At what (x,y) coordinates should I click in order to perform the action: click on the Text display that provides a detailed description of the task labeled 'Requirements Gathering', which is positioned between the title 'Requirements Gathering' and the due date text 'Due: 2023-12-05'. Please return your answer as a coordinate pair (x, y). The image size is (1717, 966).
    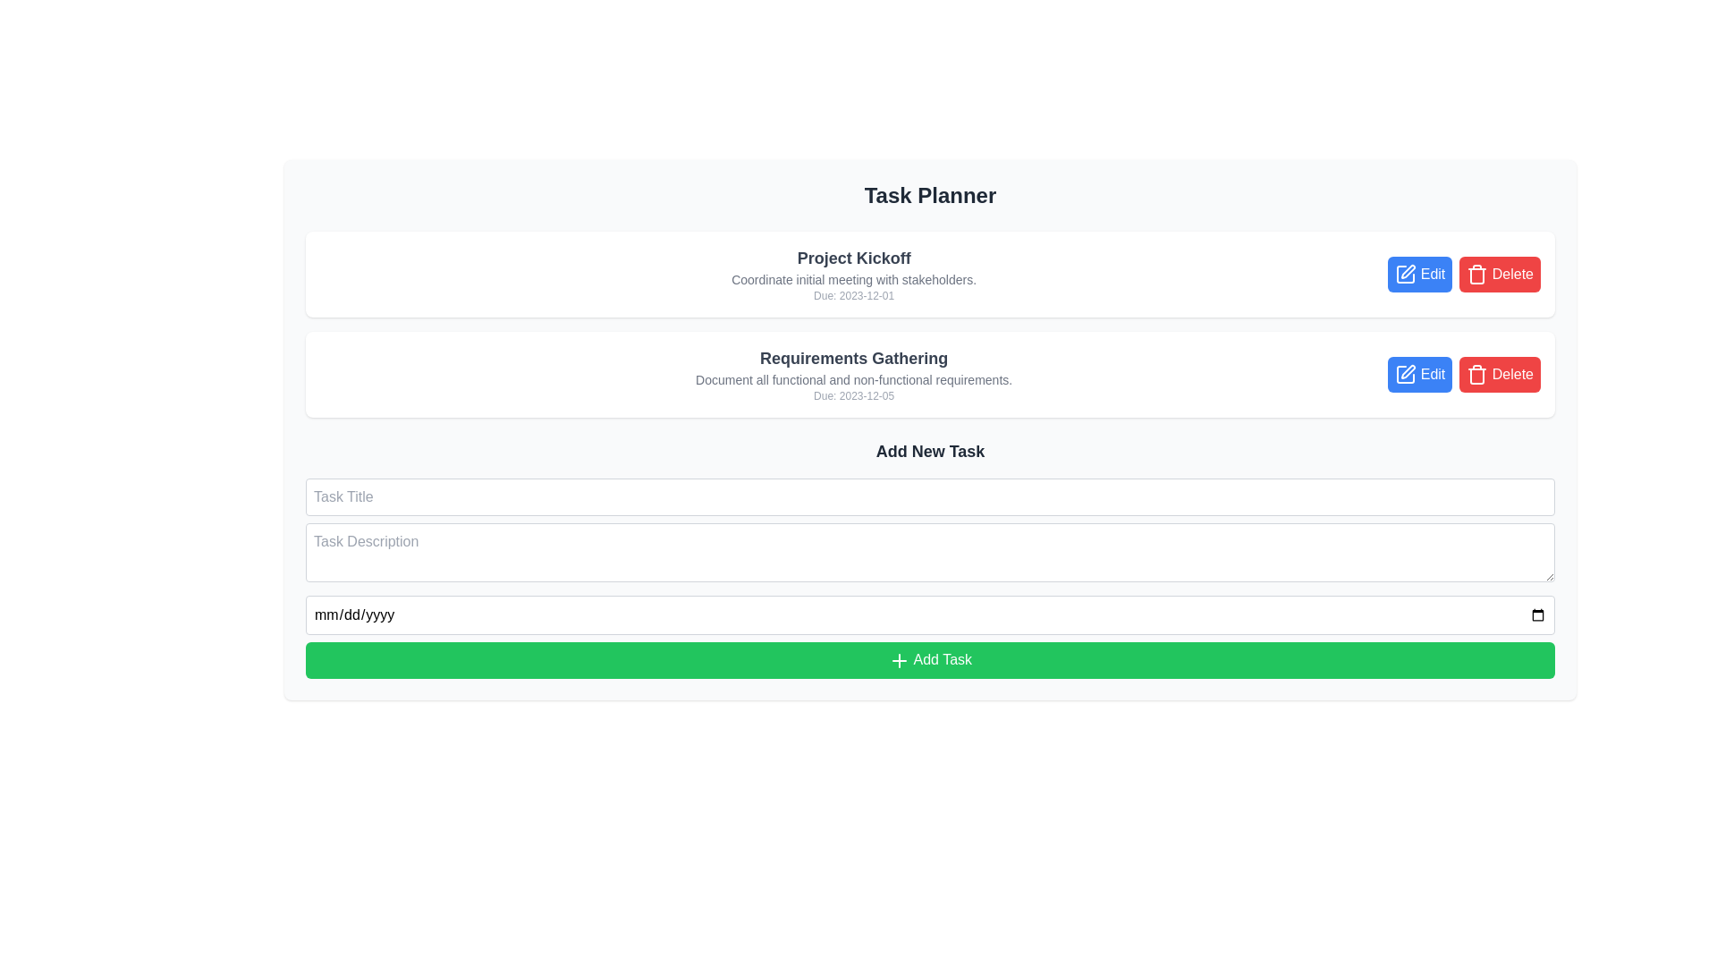
    Looking at the image, I should click on (853, 378).